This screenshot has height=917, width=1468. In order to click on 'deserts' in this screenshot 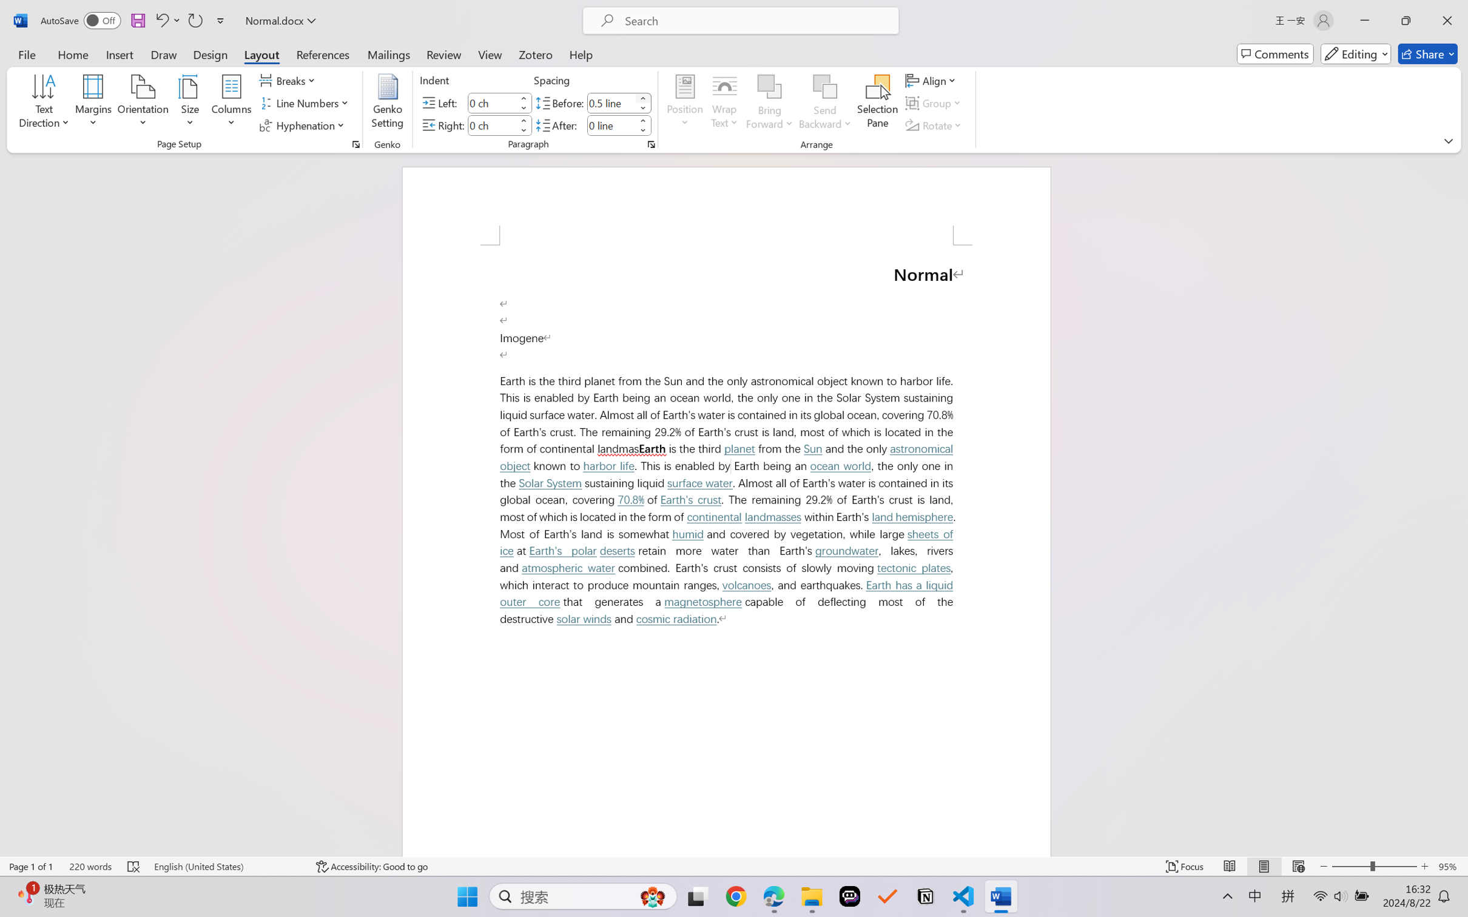, I will do `click(616, 549)`.